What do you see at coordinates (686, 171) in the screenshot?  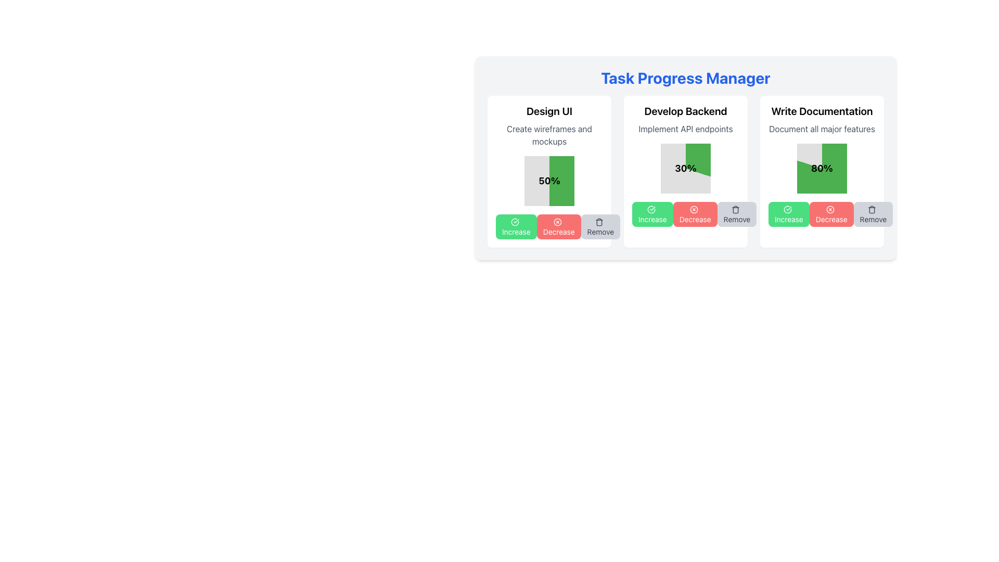 I see `percentage value displayed on the Circular Progress Indicator, which shows '30%' and is located in the middle of the horizontal triplet in the 'Task Progress Manager' section` at bounding box center [686, 171].